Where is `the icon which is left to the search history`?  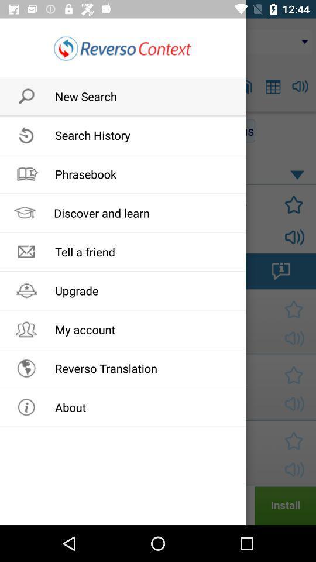
the icon which is left to the search history is located at coordinates (23, 131).